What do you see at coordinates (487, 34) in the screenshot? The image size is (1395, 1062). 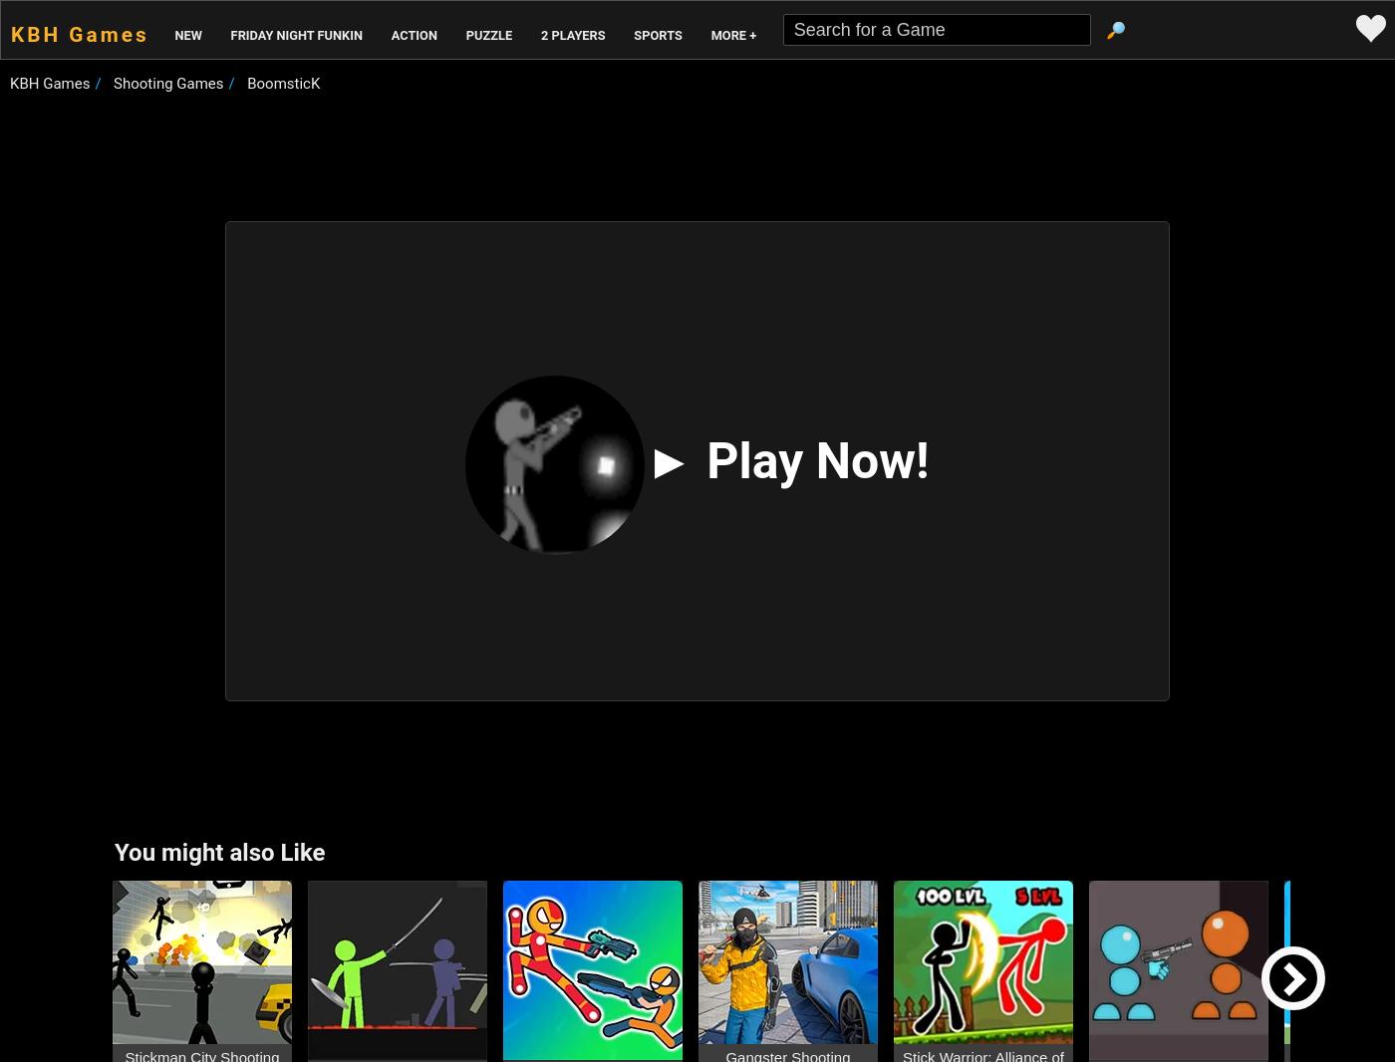 I see `'Puzzle'` at bounding box center [487, 34].